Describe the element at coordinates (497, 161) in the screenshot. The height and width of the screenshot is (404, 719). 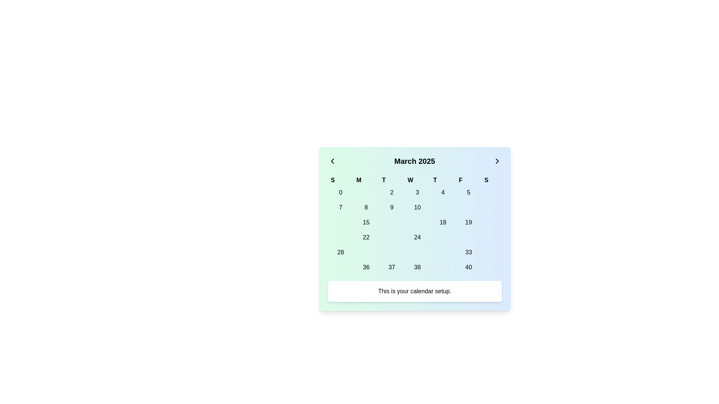
I see `the chevron icon located at the far right of the calendar header bar` at that location.